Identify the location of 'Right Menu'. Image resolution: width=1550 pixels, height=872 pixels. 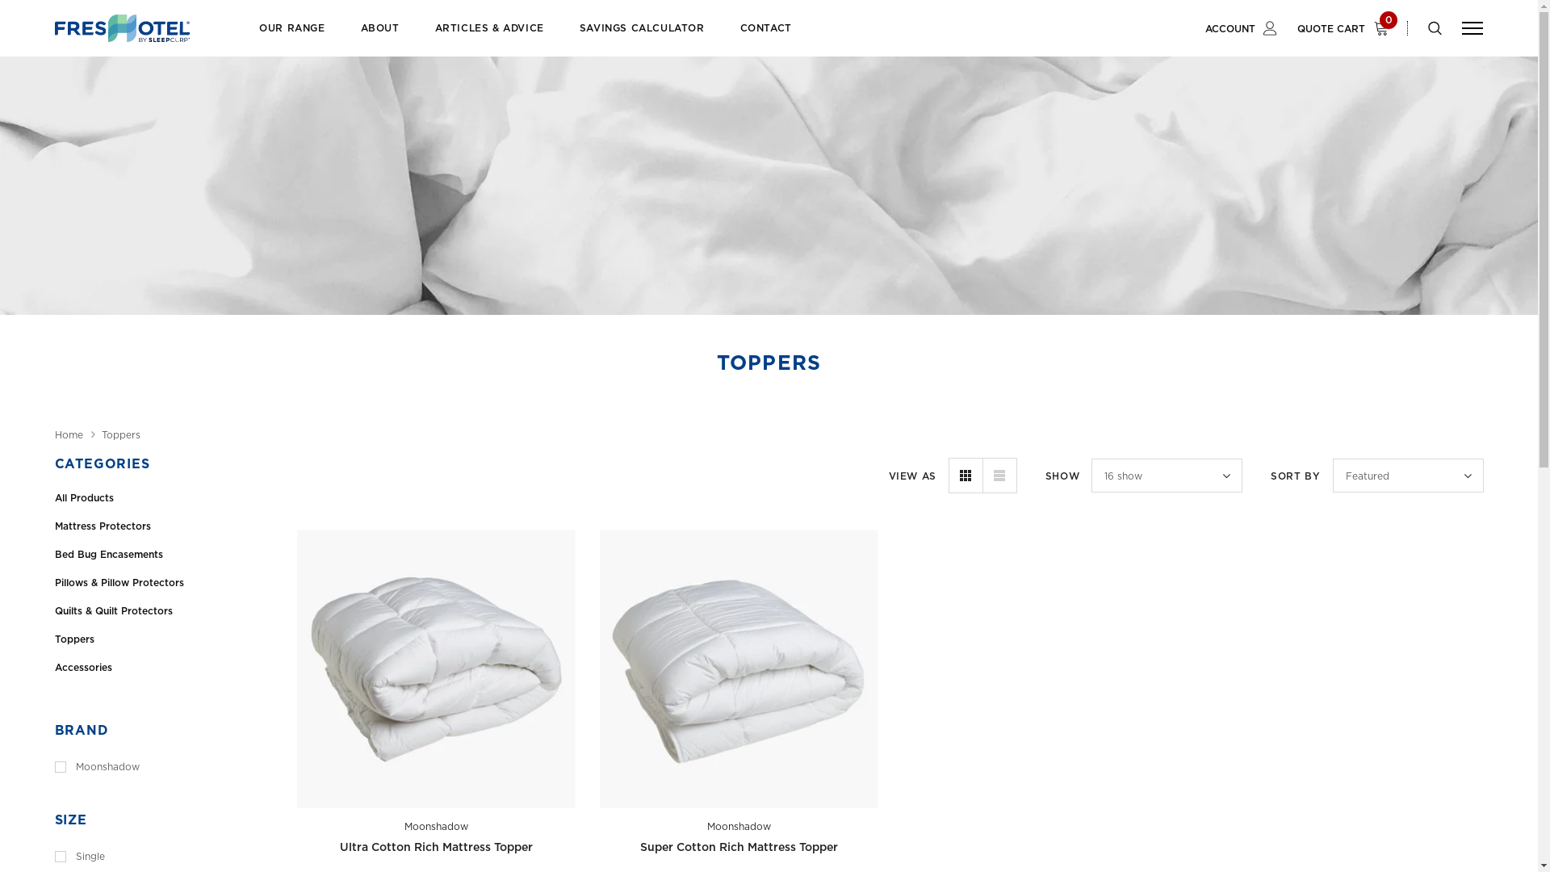
(1461, 27).